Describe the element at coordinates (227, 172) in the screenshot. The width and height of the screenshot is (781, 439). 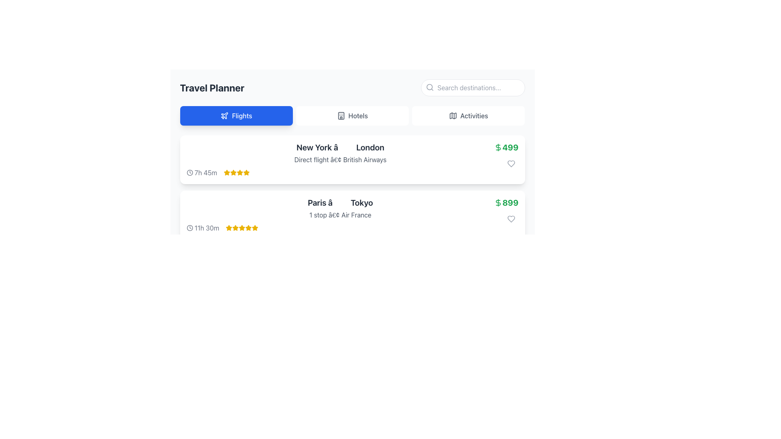
I see `the first star-shaped icon (yellow fill) in the flight option list` at that location.